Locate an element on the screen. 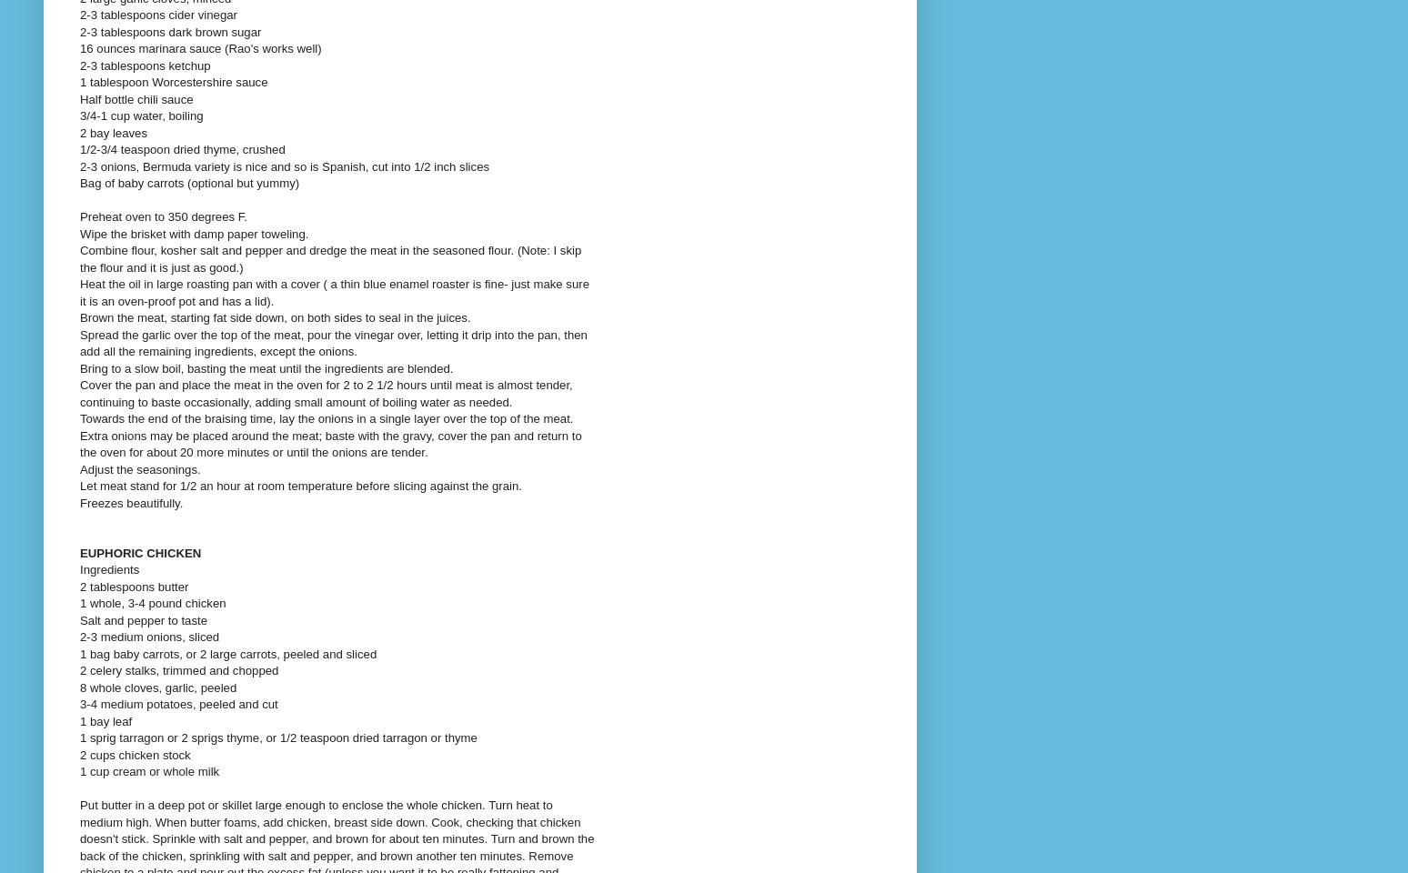 Image resolution: width=1408 pixels, height=873 pixels. '1 bay leaf' is located at coordinates (106, 720).